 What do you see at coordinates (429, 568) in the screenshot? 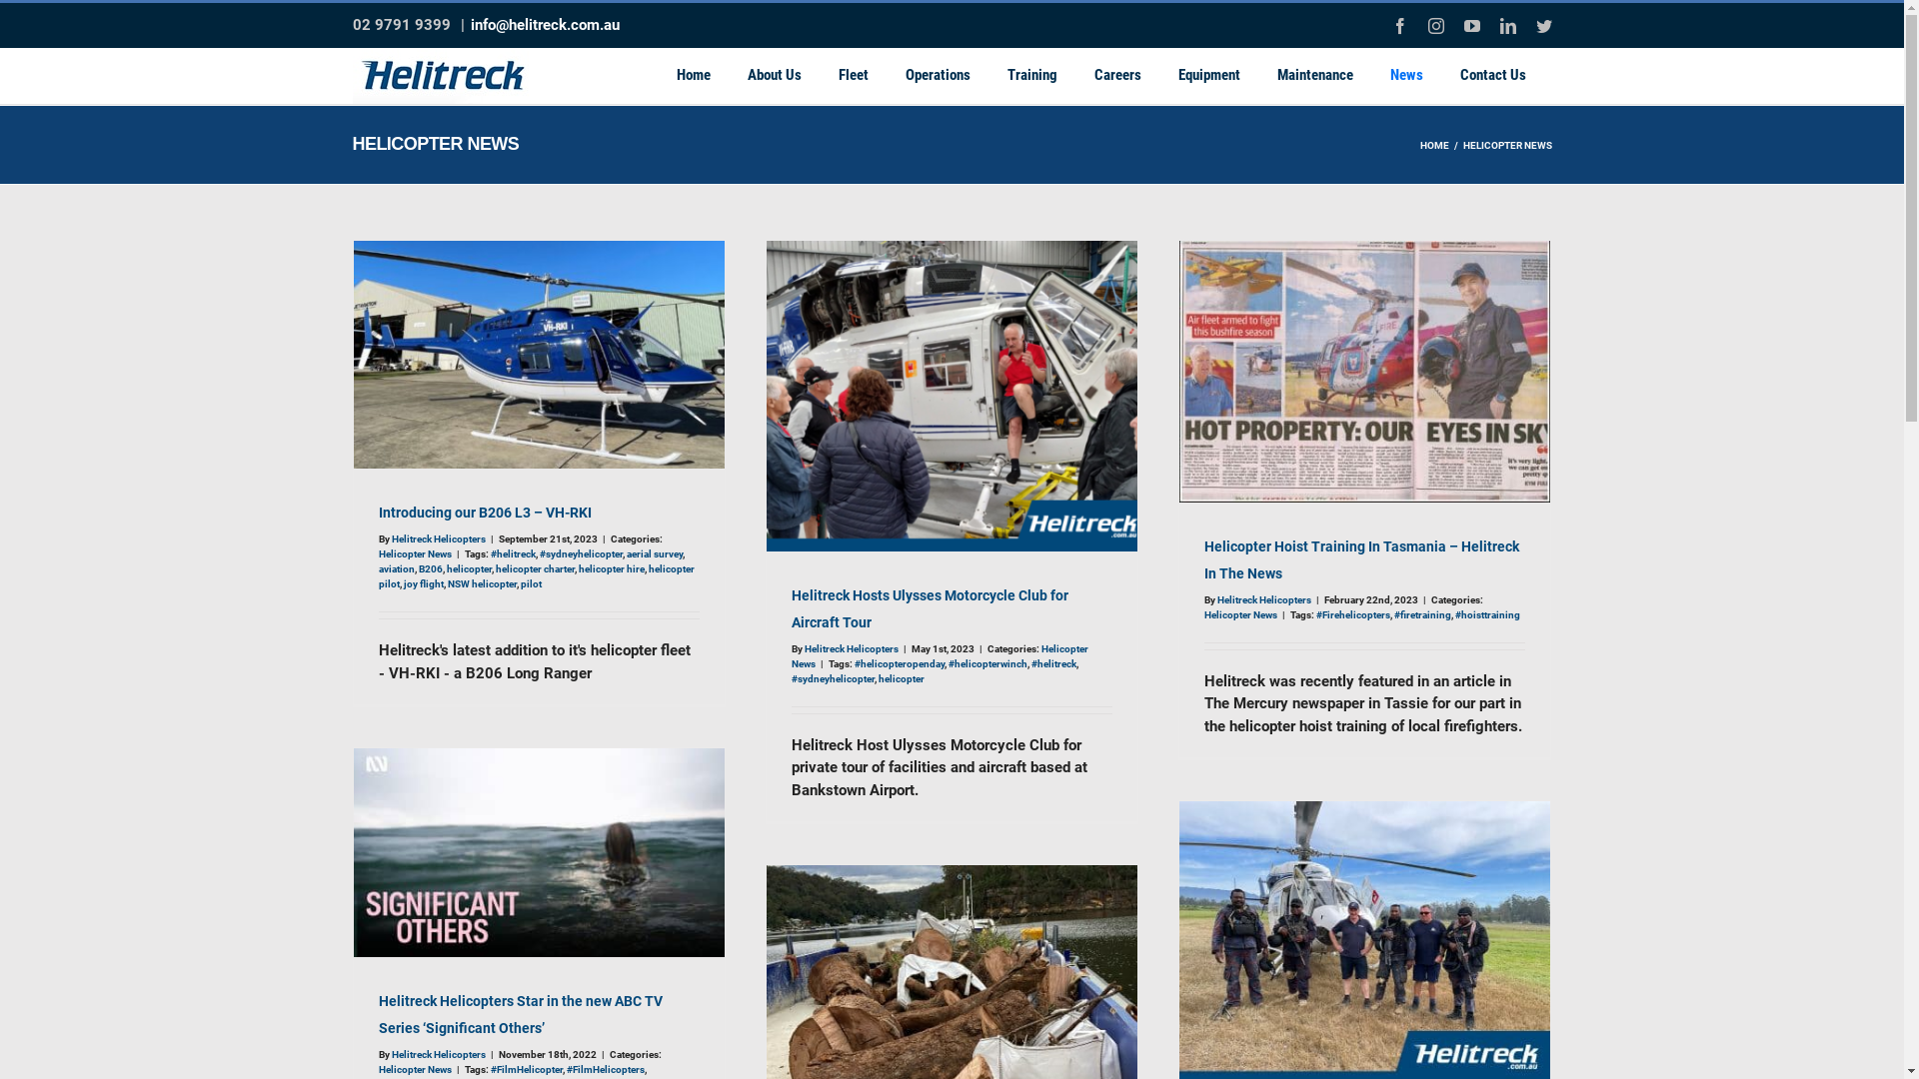
I see `'B206'` at bounding box center [429, 568].